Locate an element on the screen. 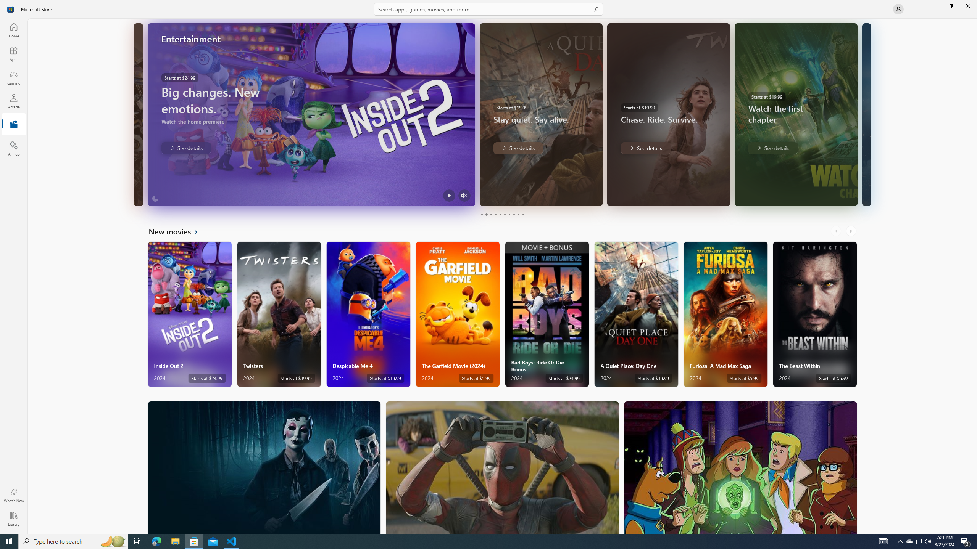 The width and height of the screenshot is (977, 549). 'AutomationID: RightScrollButton' is located at coordinates (851, 231).